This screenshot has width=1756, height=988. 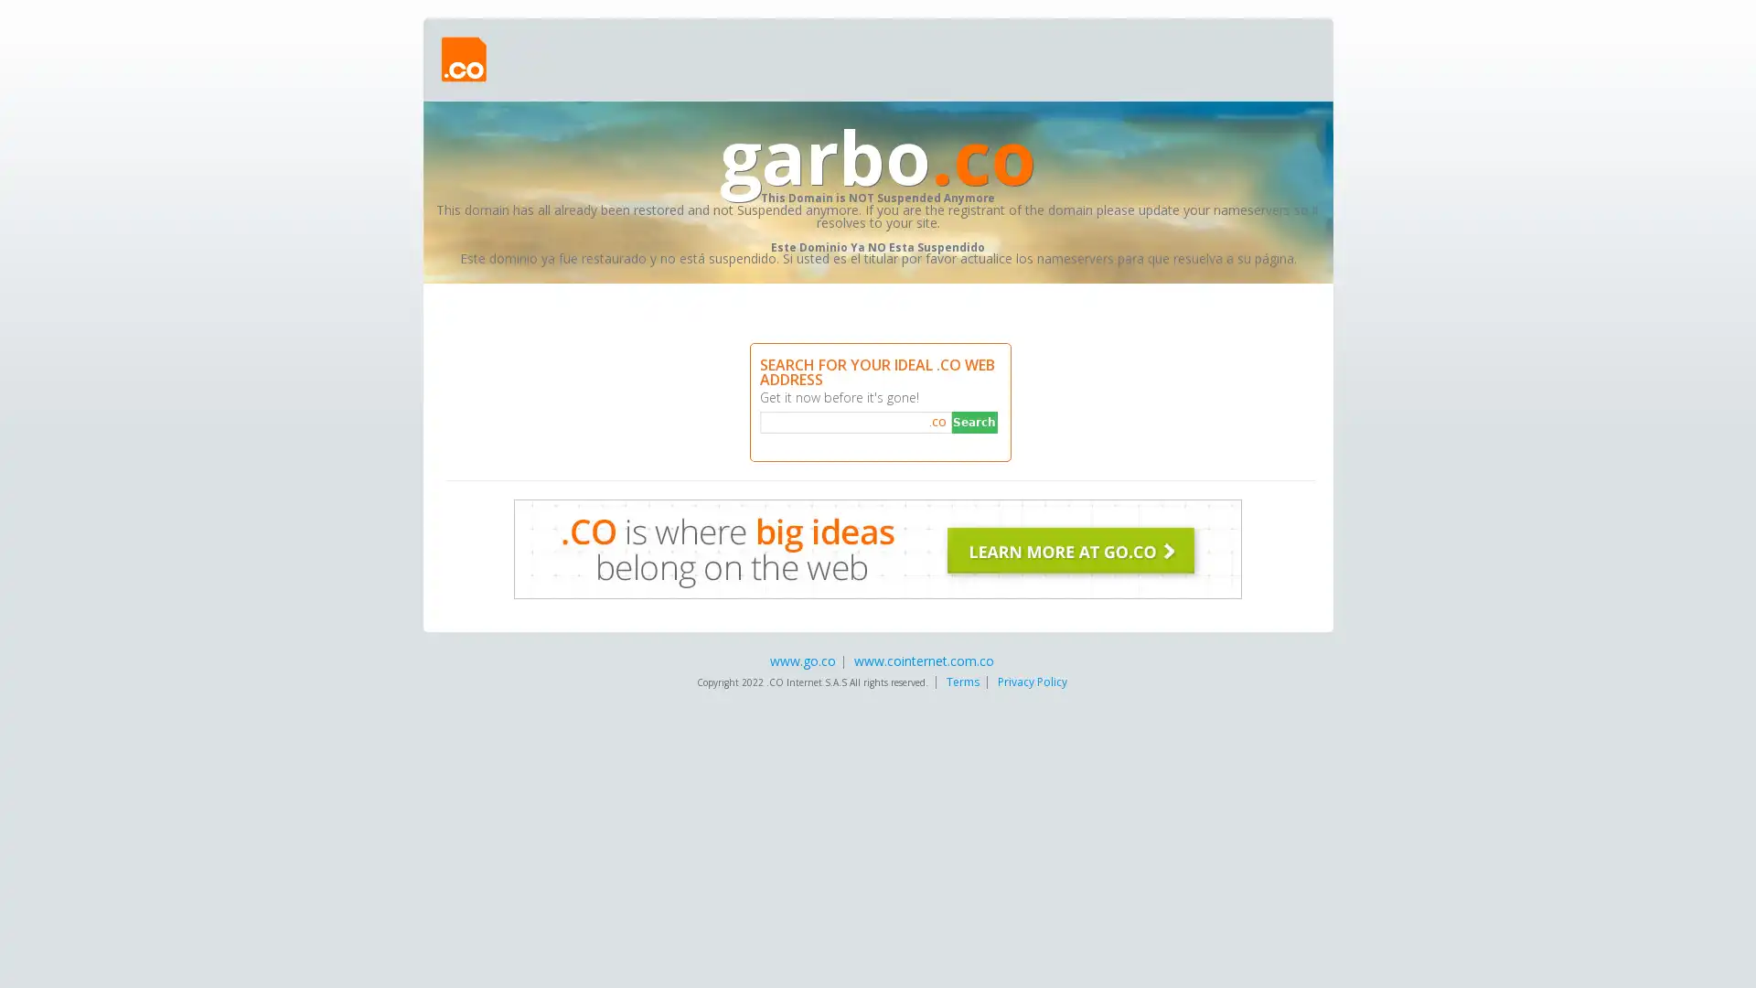 I want to click on Search, so click(x=973, y=423).